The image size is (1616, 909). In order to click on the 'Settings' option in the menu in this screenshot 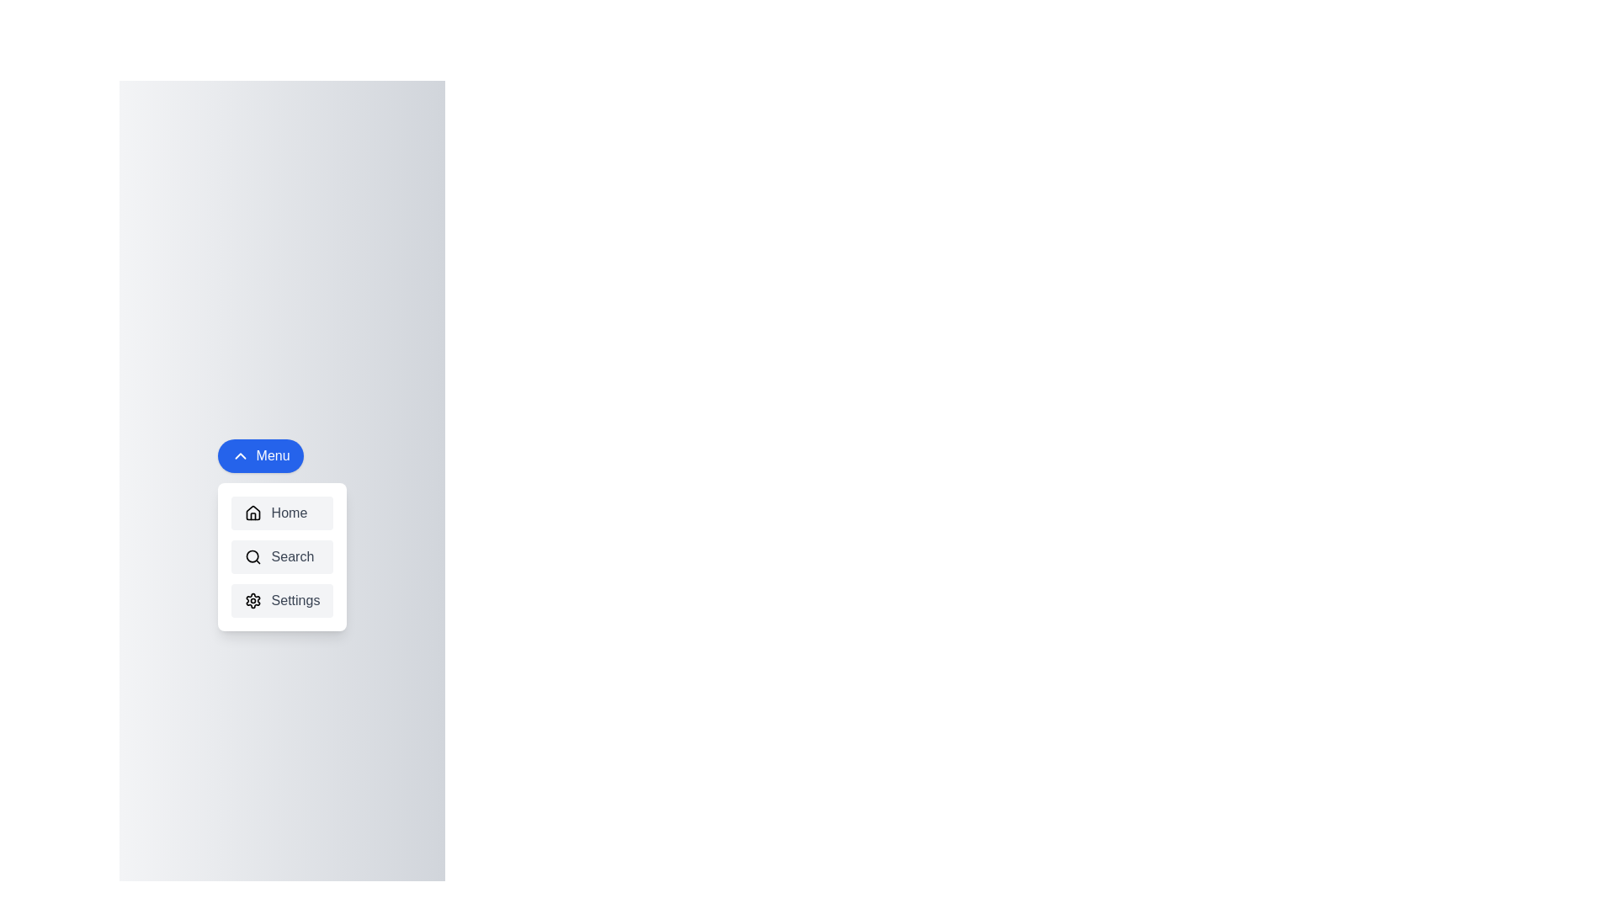, I will do `click(282, 599)`.